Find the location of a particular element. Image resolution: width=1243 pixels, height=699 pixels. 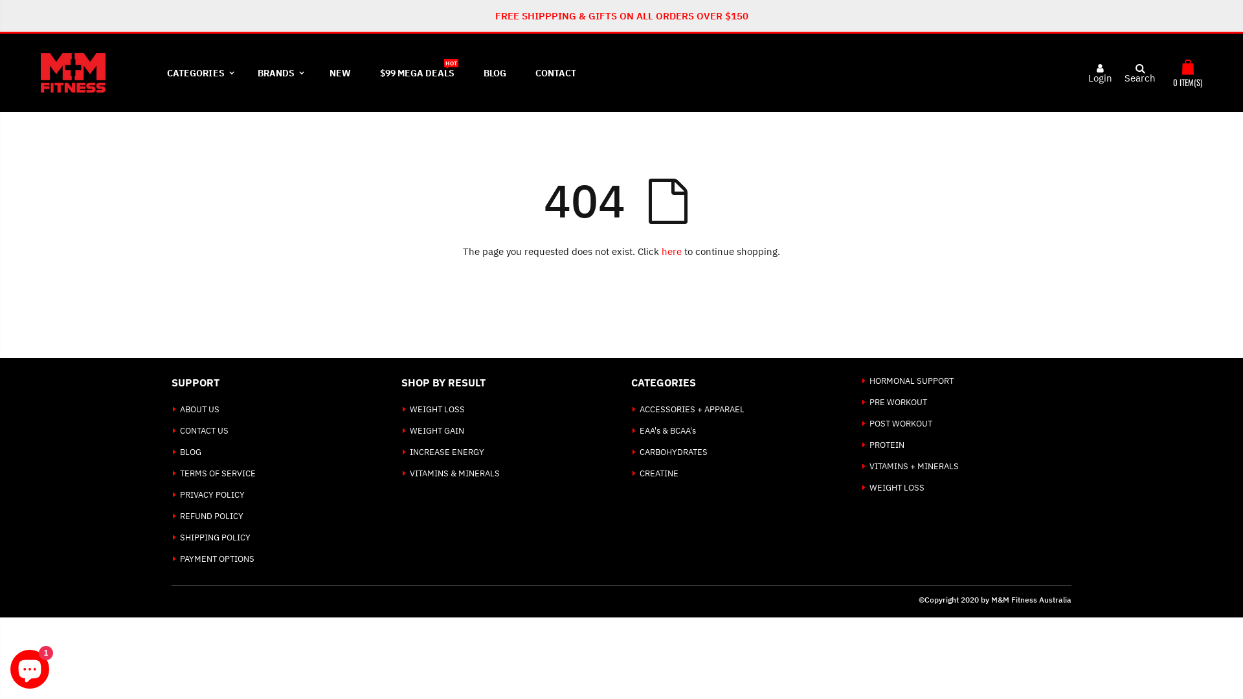

'CATEGORIES' is located at coordinates (197, 72).